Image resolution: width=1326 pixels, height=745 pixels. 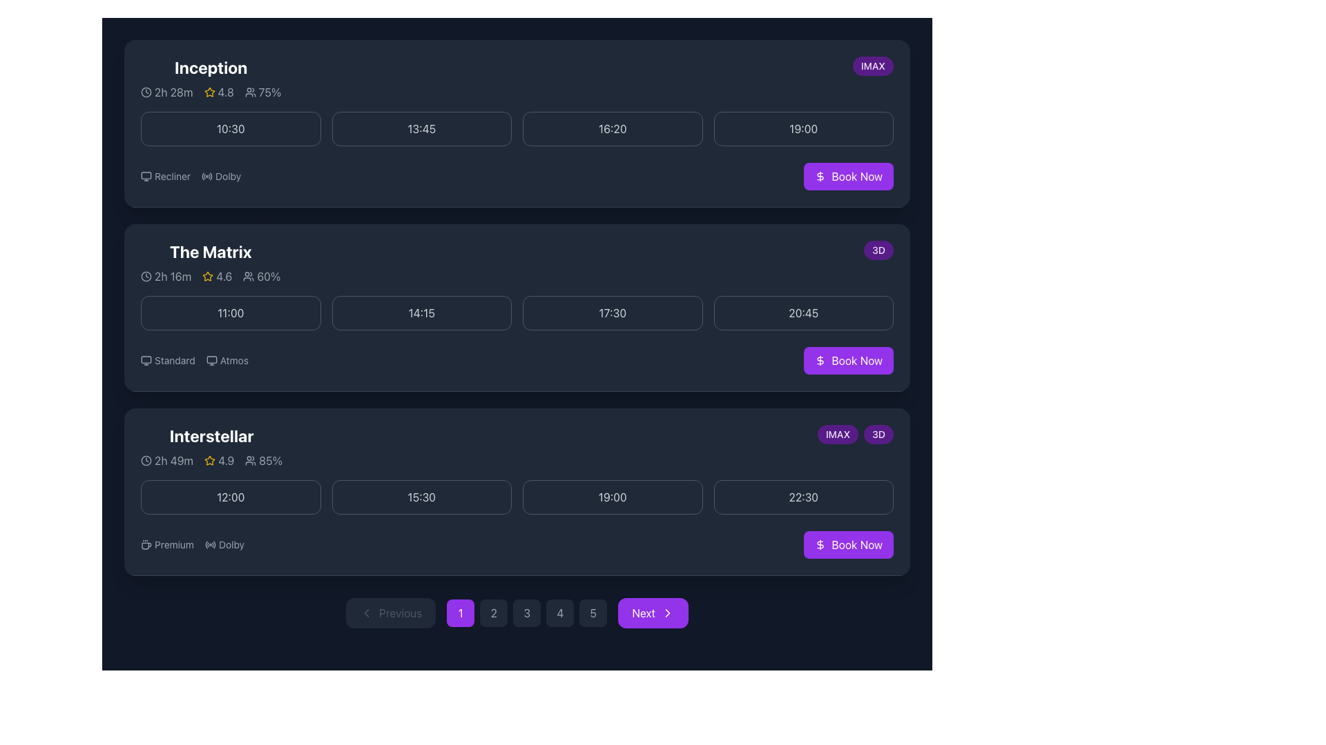 What do you see at coordinates (848, 360) in the screenshot?
I see `the 'Book Now' button with a purple background and white text to visualize its hover effects` at bounding box center [848, 360].